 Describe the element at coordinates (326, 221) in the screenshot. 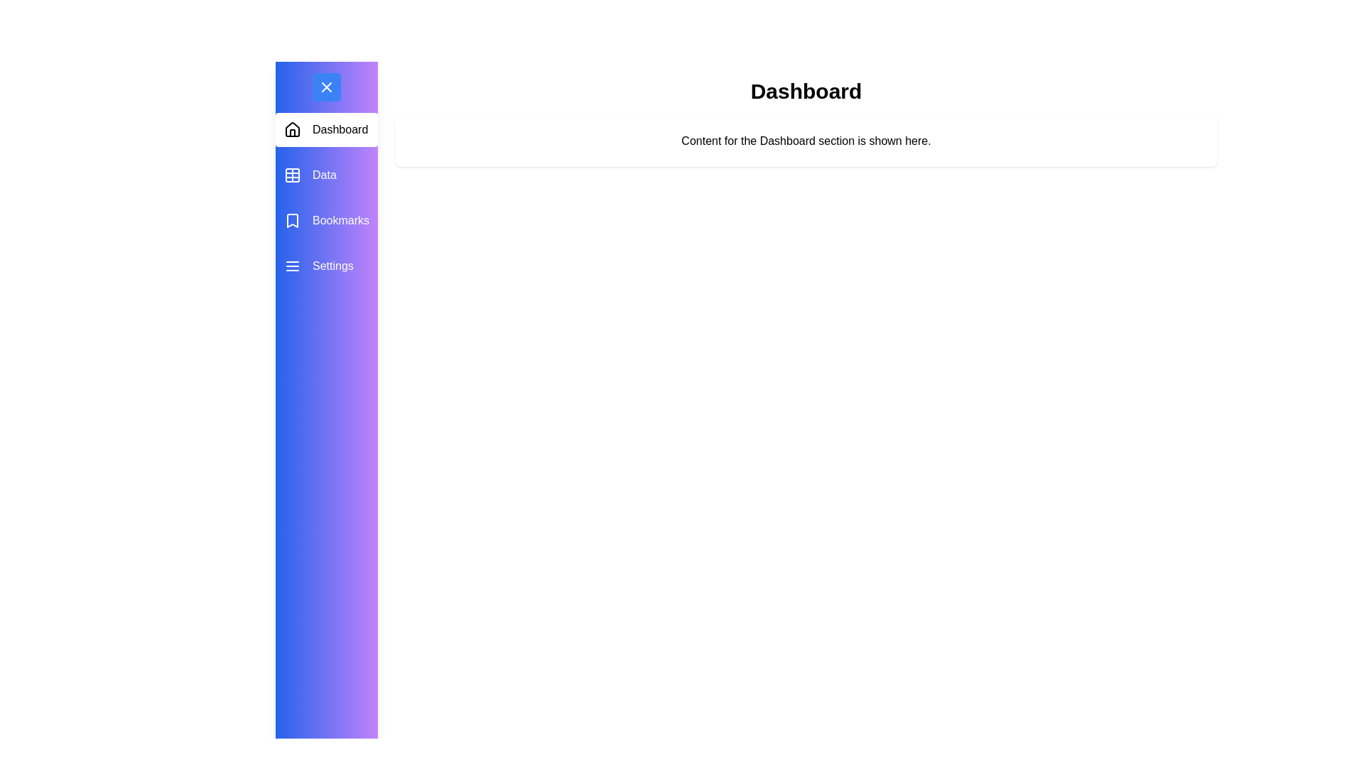

I see `the menu item Bookmarks from the drawer` at that location.